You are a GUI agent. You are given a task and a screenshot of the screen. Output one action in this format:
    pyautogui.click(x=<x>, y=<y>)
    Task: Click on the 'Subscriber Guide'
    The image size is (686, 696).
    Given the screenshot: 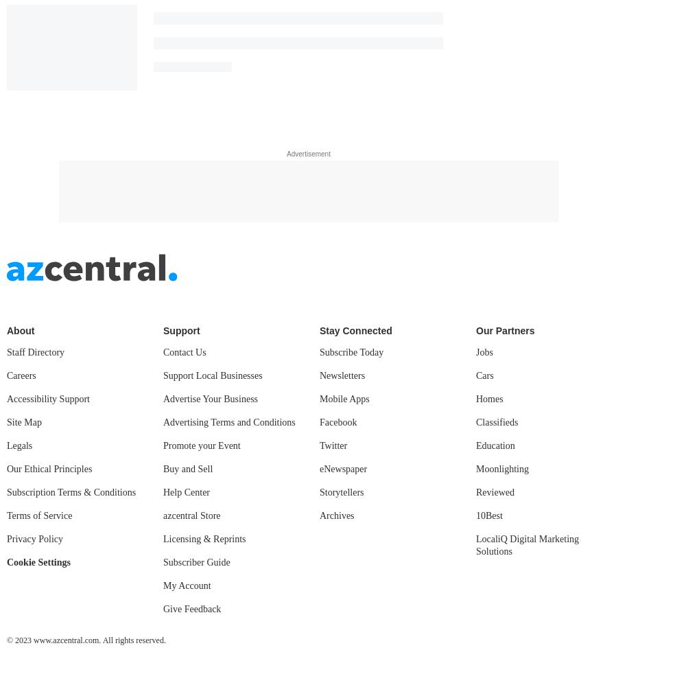 What is the action you would take?
    pyautogui.click(x=196, y=561)
    